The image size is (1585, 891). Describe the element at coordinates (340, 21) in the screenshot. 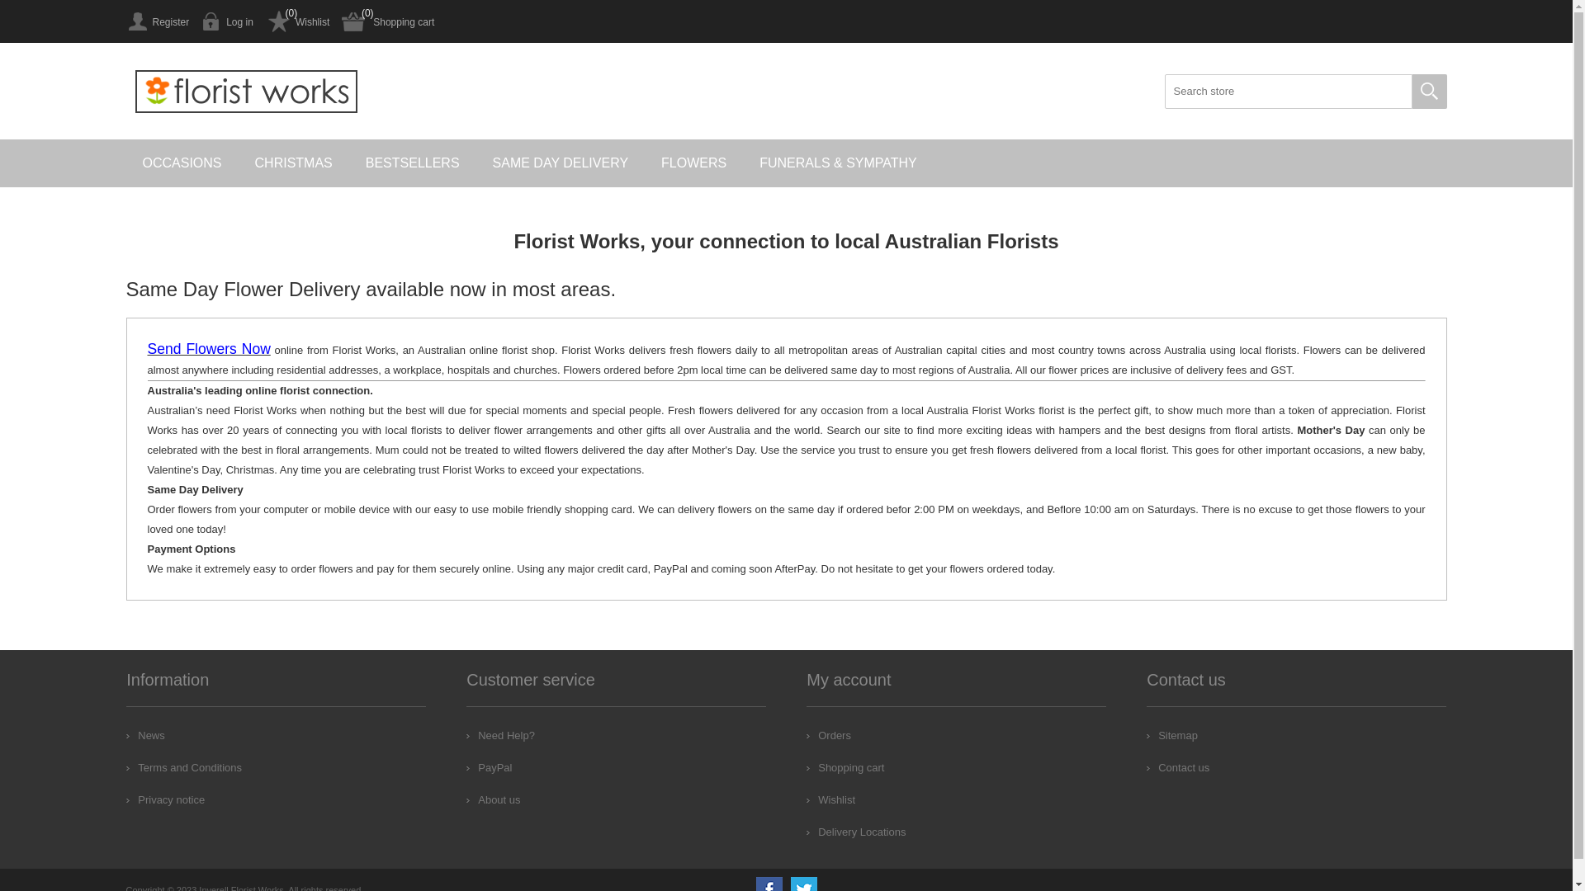

I see `'Shopping cart'` at that location.